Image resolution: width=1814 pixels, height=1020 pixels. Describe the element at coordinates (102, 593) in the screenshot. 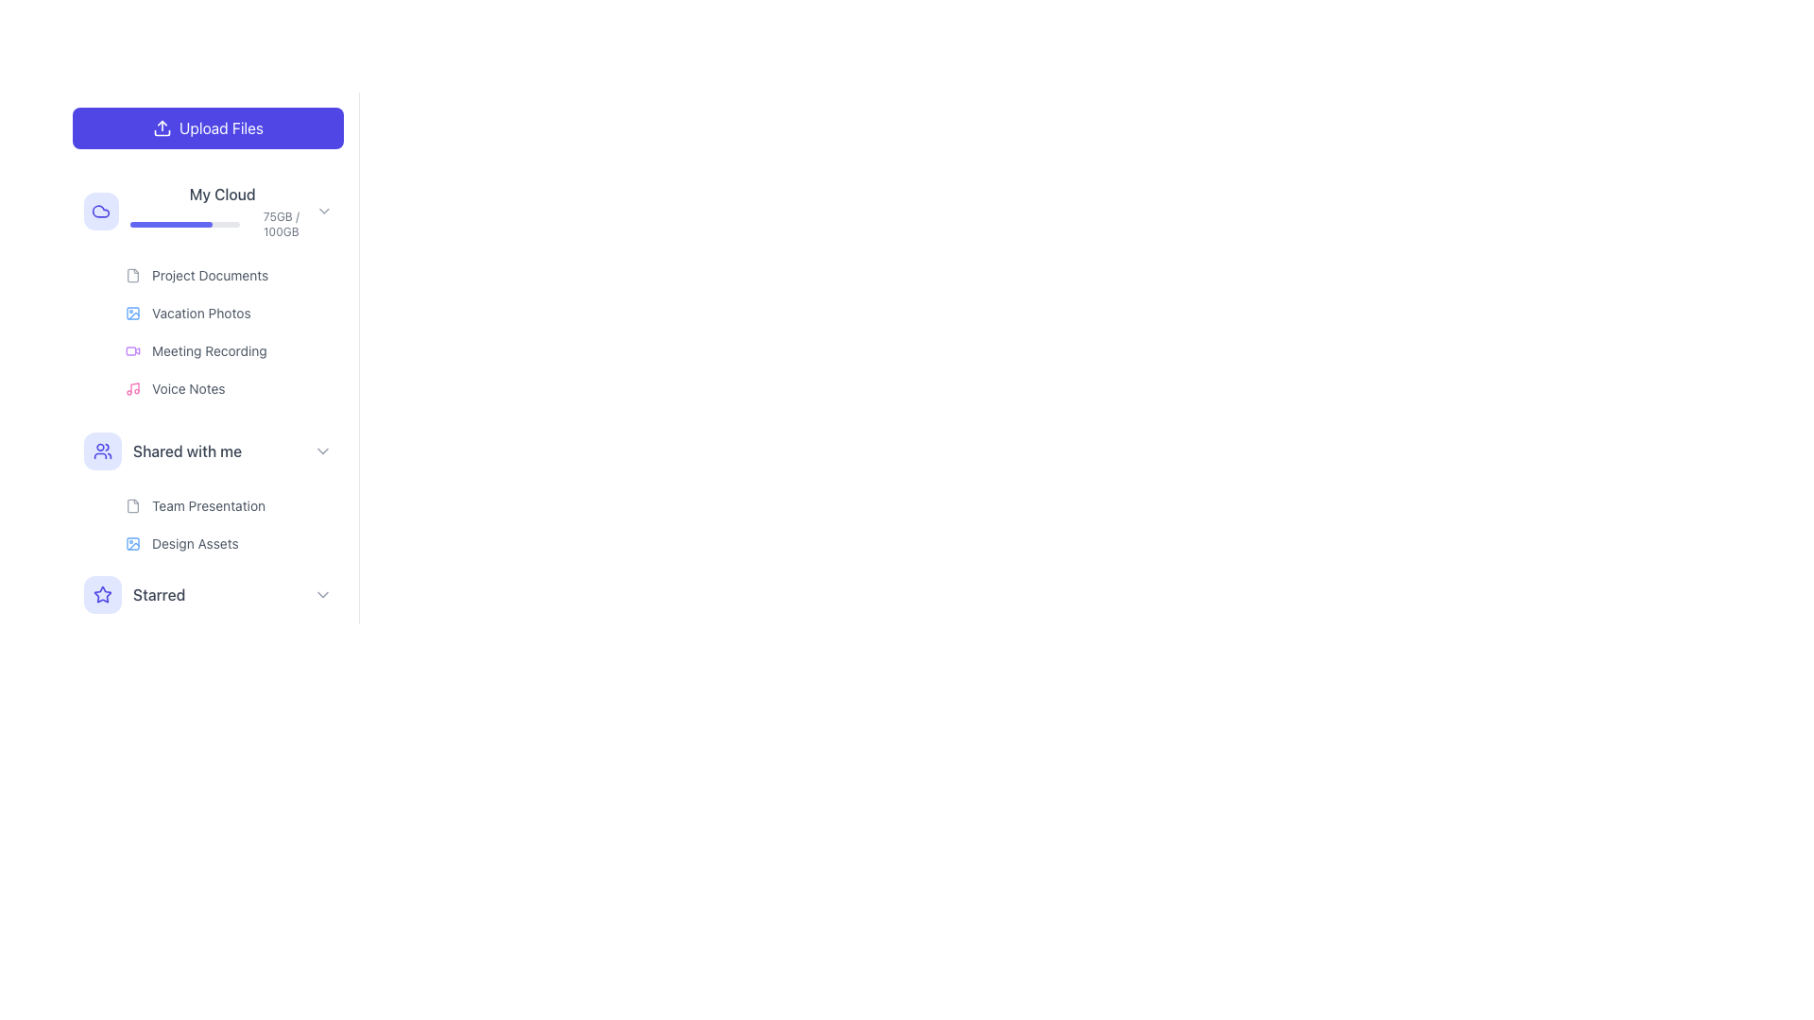

I see `the star icon button with an indigo outline located in the bottom section of the sidebar, part of the 'Starred' section` at that location.